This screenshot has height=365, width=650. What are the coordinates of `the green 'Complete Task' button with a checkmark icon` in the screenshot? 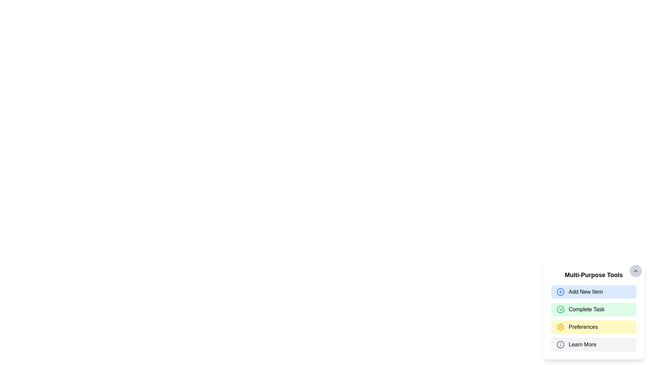 It's located at (593, 318).